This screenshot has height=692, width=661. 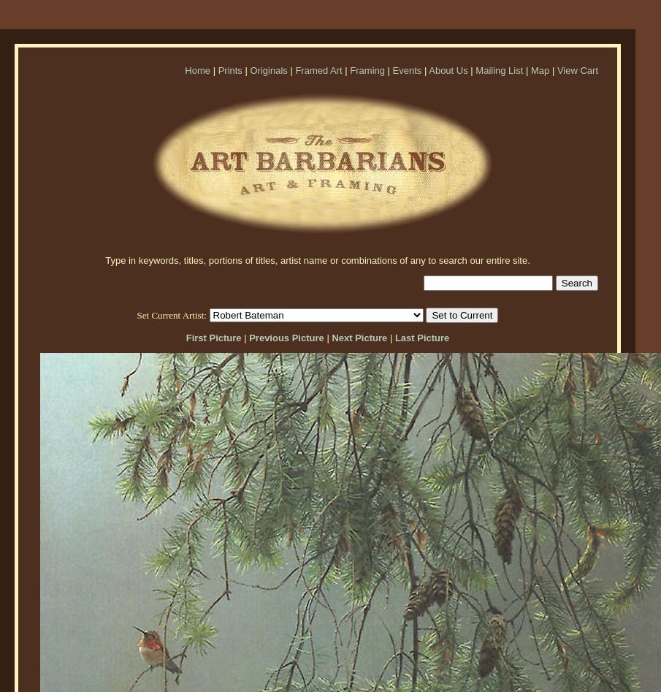 What do you see at coordinates (539, 69) in the screenshot?
I see `'Map'` at bounding box center [539, 69].